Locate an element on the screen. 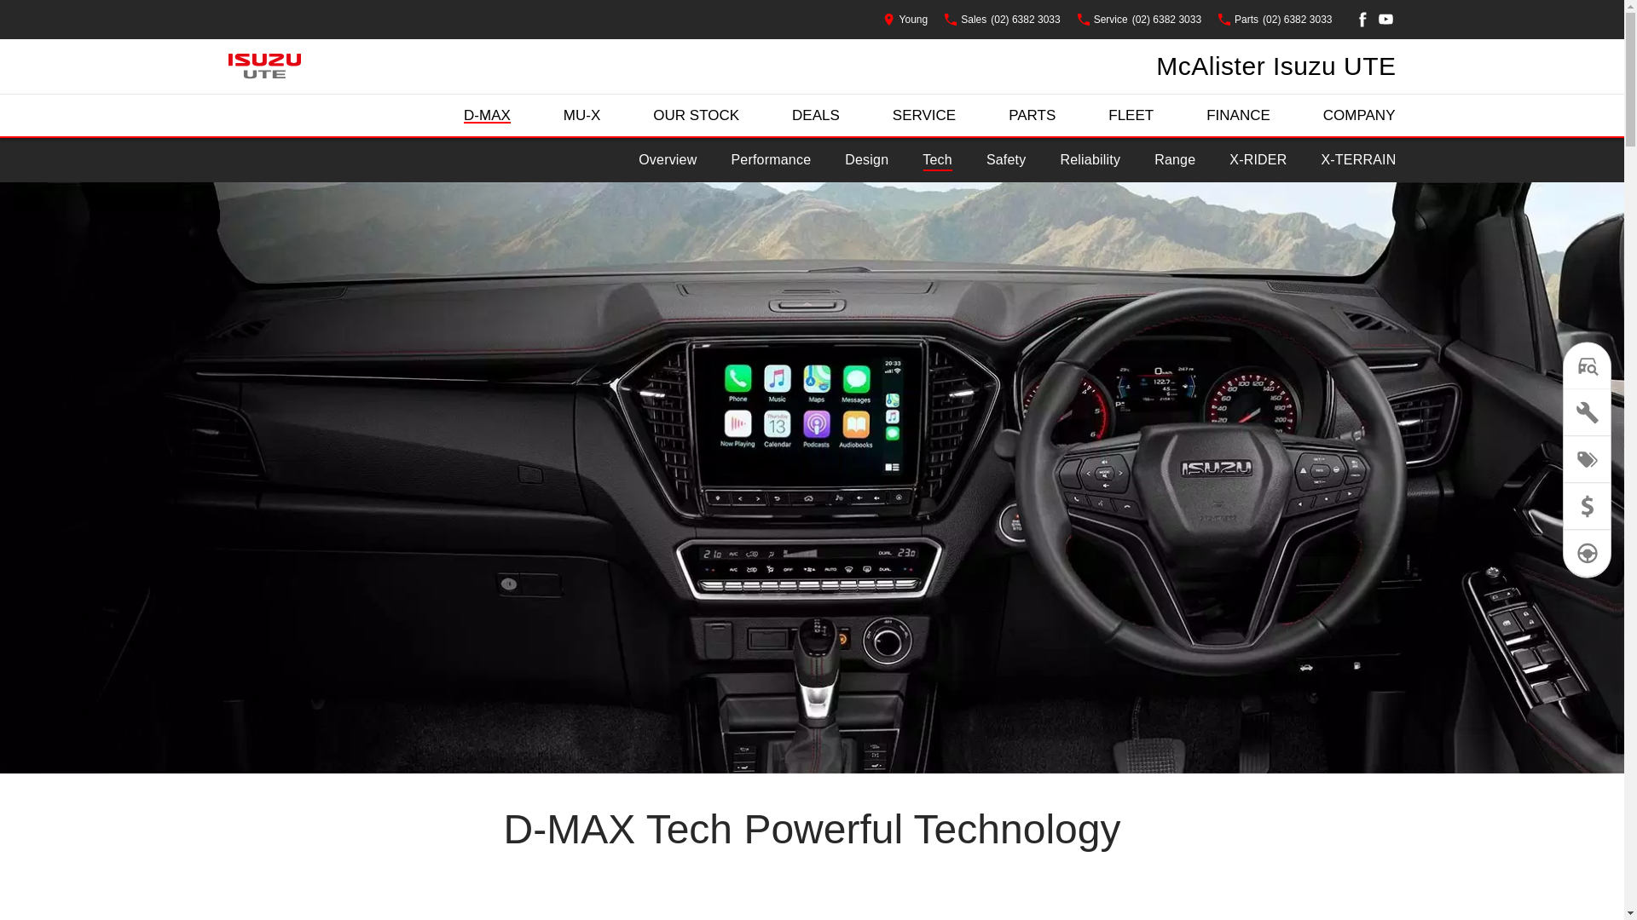 The image size is (1637, 920). 'Range' is located at coordinates (1173, 160).